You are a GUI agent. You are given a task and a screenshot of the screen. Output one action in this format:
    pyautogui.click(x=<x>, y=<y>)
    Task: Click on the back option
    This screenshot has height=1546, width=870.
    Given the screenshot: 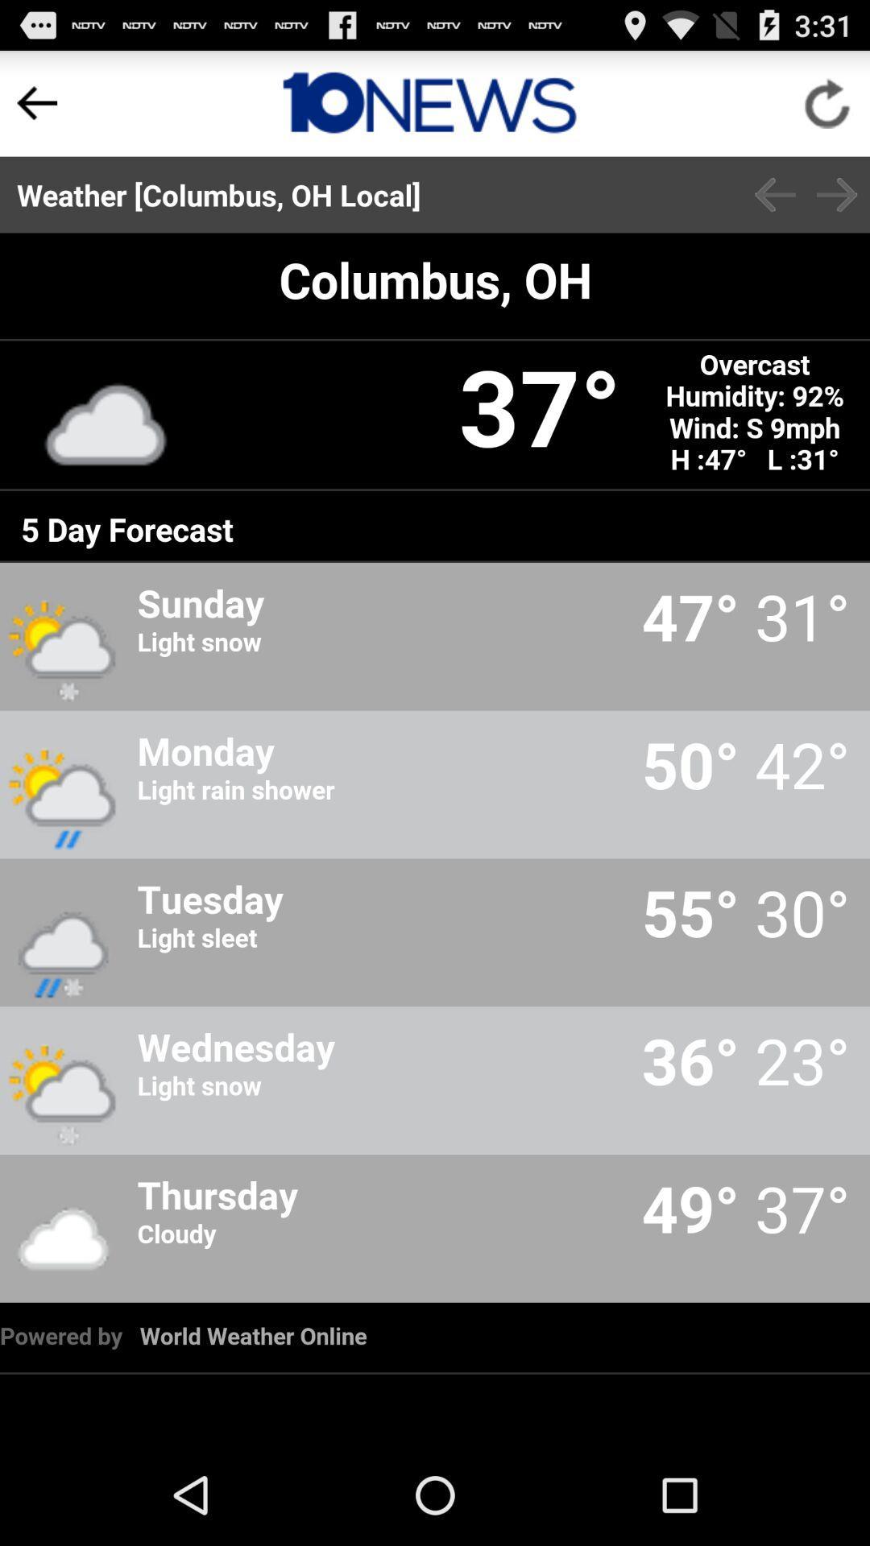 What is the action you would take?
    pyautogui.click(x=36, y=102)
    